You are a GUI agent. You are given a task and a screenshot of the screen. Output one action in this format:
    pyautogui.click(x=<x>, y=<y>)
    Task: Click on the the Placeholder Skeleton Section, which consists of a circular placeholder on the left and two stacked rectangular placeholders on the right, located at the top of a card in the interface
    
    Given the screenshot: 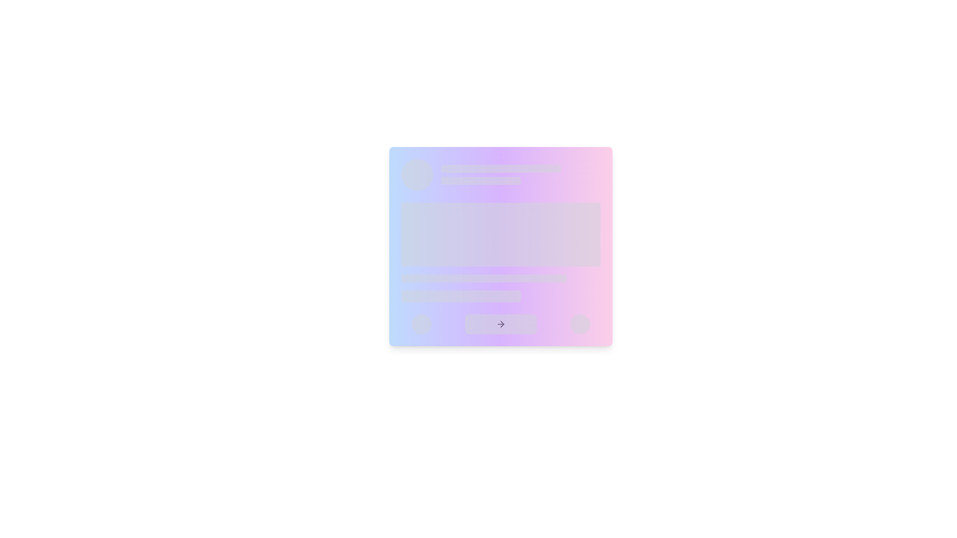 What is the action you would take?
    pyautogui.click(x=500, y=174)
    